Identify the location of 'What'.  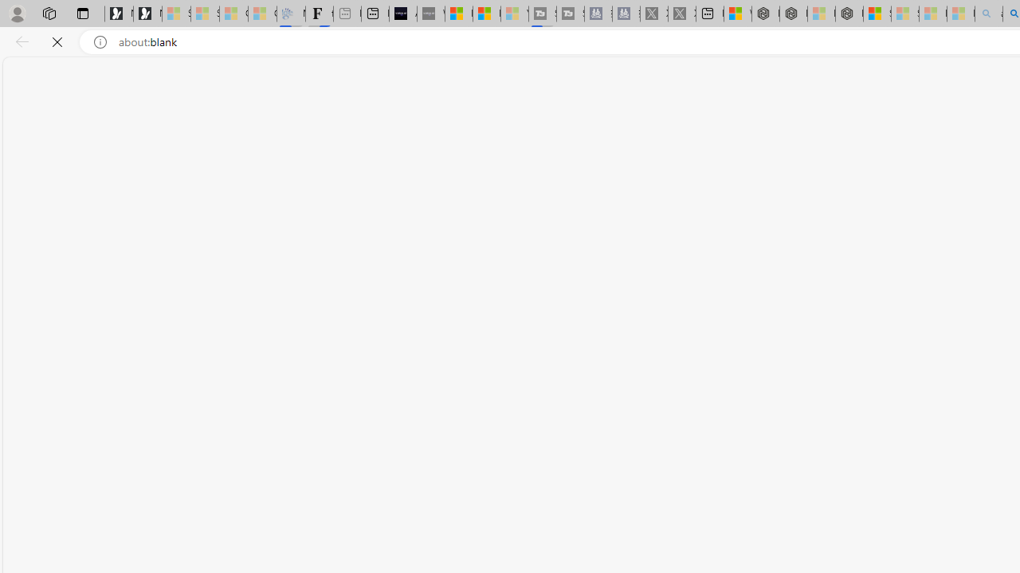
(430, 14).